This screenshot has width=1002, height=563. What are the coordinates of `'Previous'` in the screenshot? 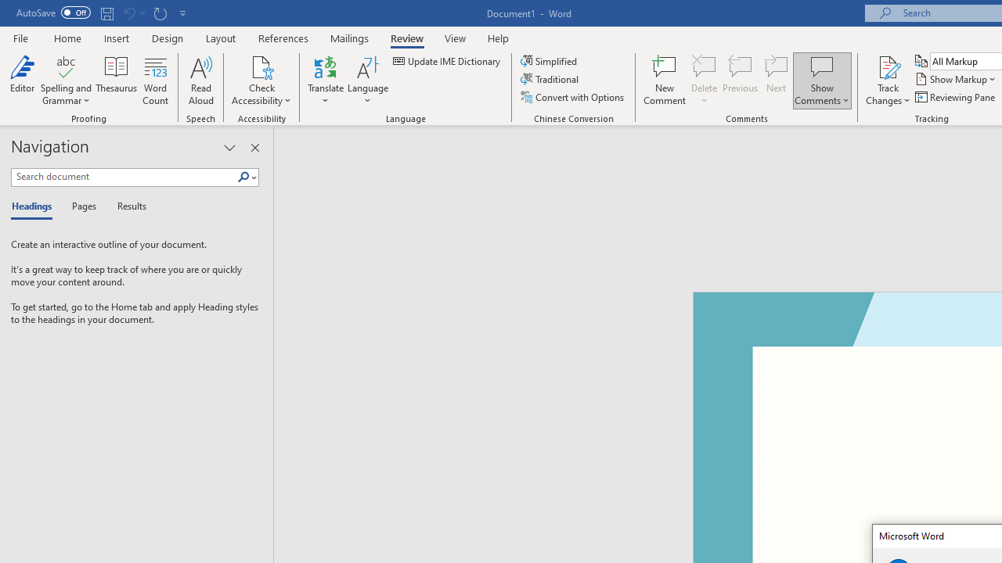 It's located at (740, 81).